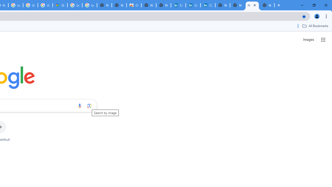 The width and height of the screenshot is (332, 187). What do you see at coordinates (60, 5) in the screenshot?
I see `'Google Maps'` at bounding box center [60, 5].